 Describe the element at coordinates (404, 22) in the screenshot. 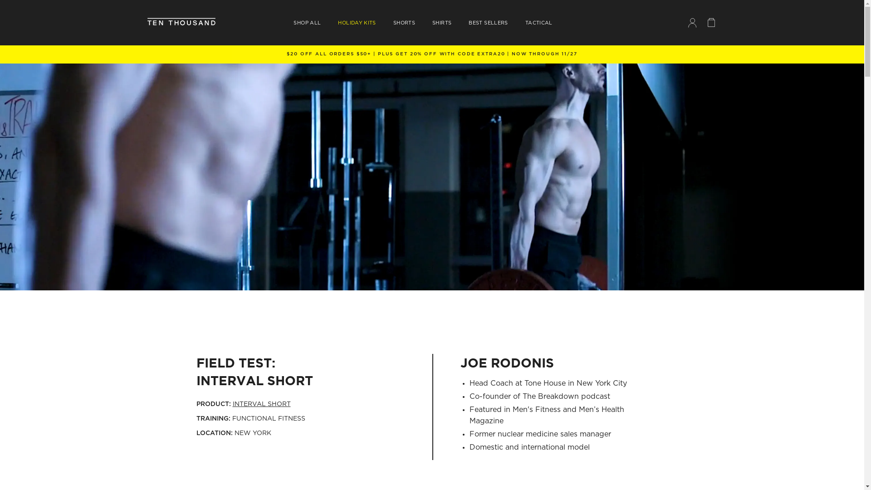

I see `'SHORTS'` at that location.